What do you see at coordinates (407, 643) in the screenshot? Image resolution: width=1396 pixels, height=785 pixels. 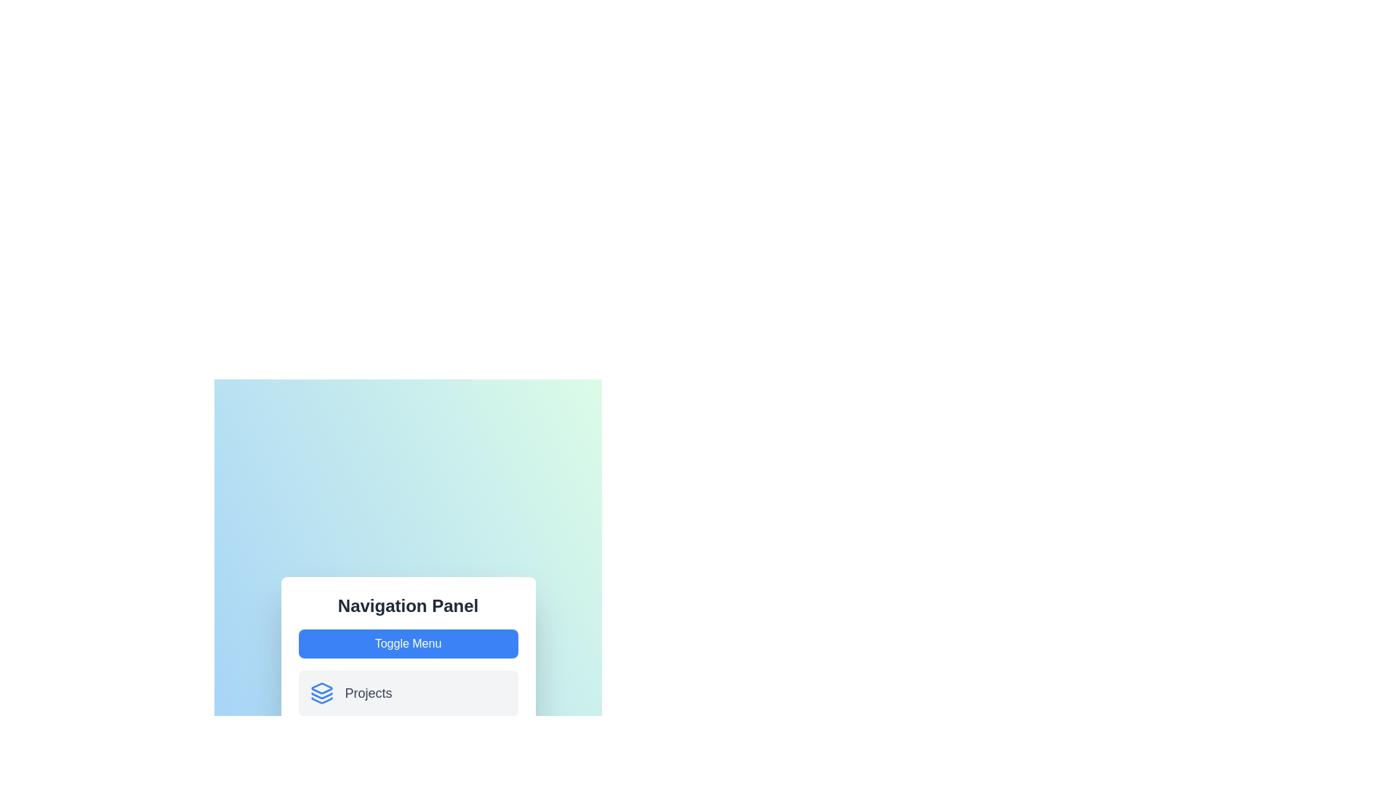 I see `'Toggle Menu' button to toggle the menu visibility` at bounding box center [407, 643].